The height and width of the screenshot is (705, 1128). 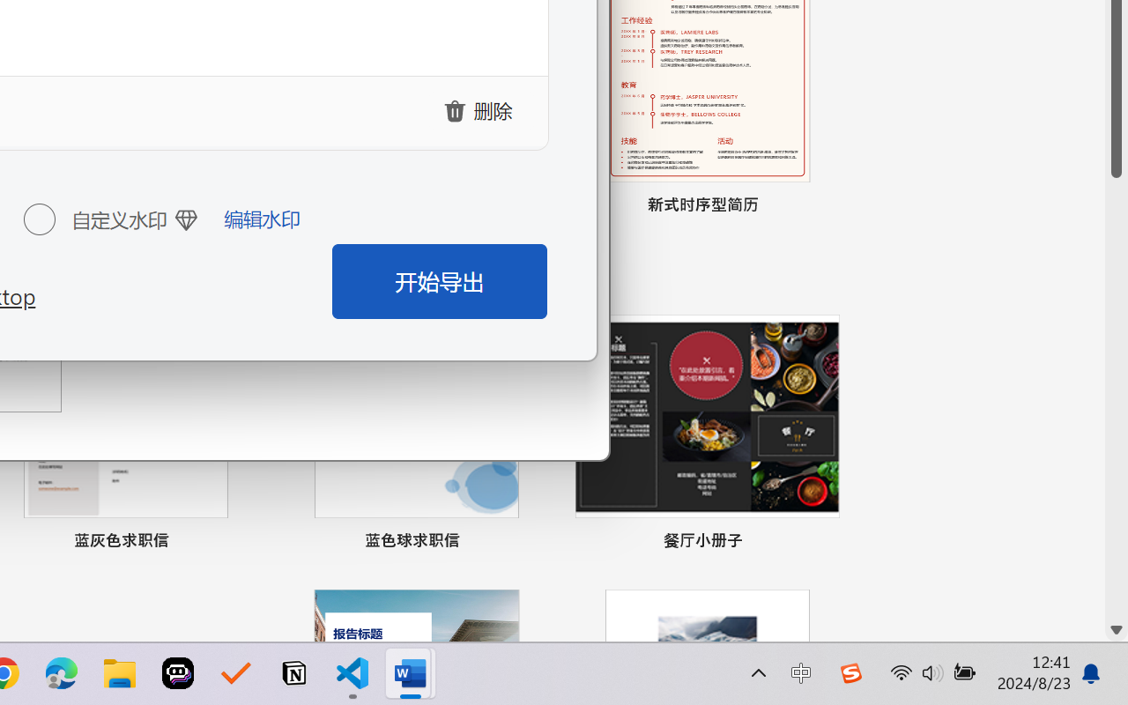 What do you see at coordinates (822, 543) in the screenshot?
I see `'Pin to list'` at bounding box center [822, 543].